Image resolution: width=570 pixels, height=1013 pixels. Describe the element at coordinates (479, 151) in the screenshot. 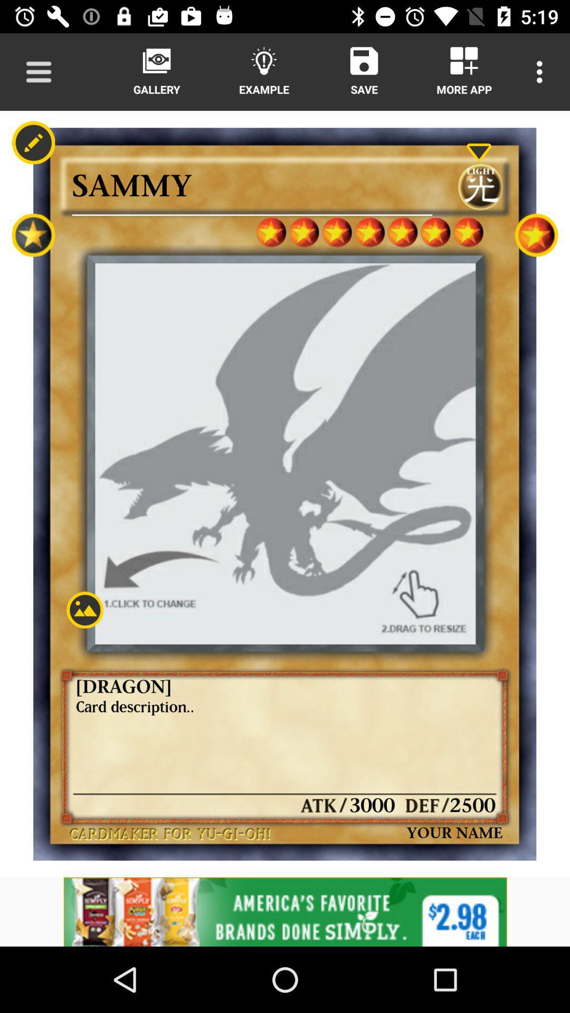

I see `the expand_more icon` at that location.